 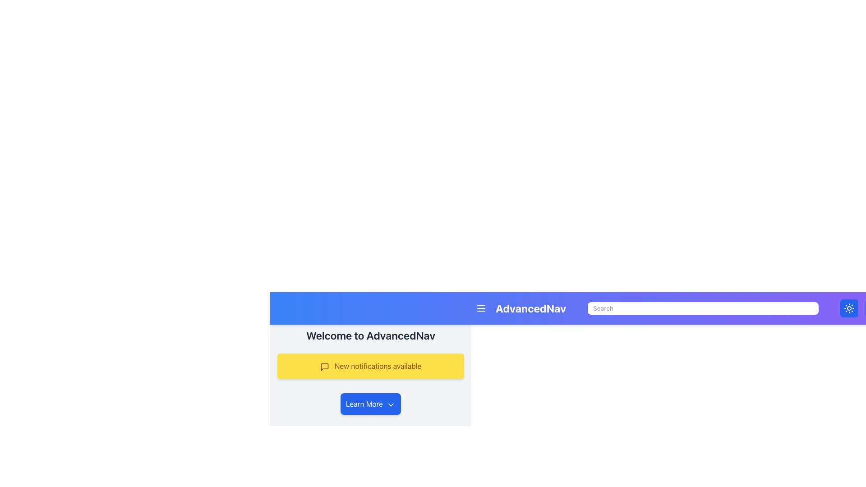 I want to click on the blue 'Learn More' button with a chevron icon, so click(x=370, y=403).